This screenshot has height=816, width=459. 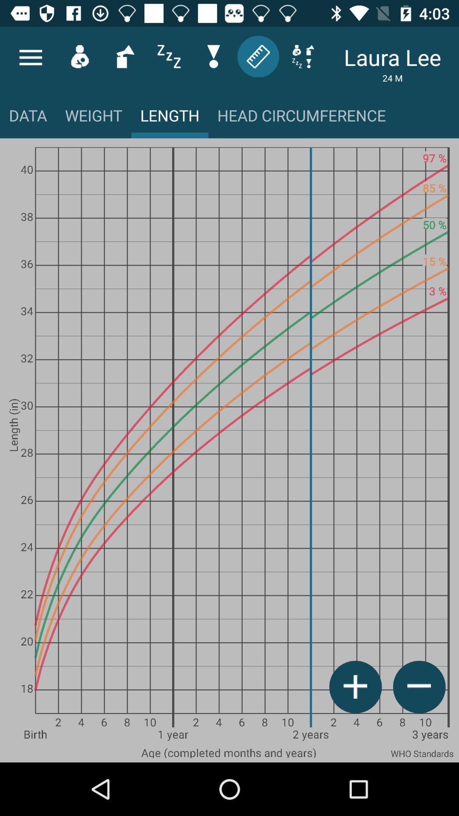 I want to click on the add icon, so click(x=355, y=687).